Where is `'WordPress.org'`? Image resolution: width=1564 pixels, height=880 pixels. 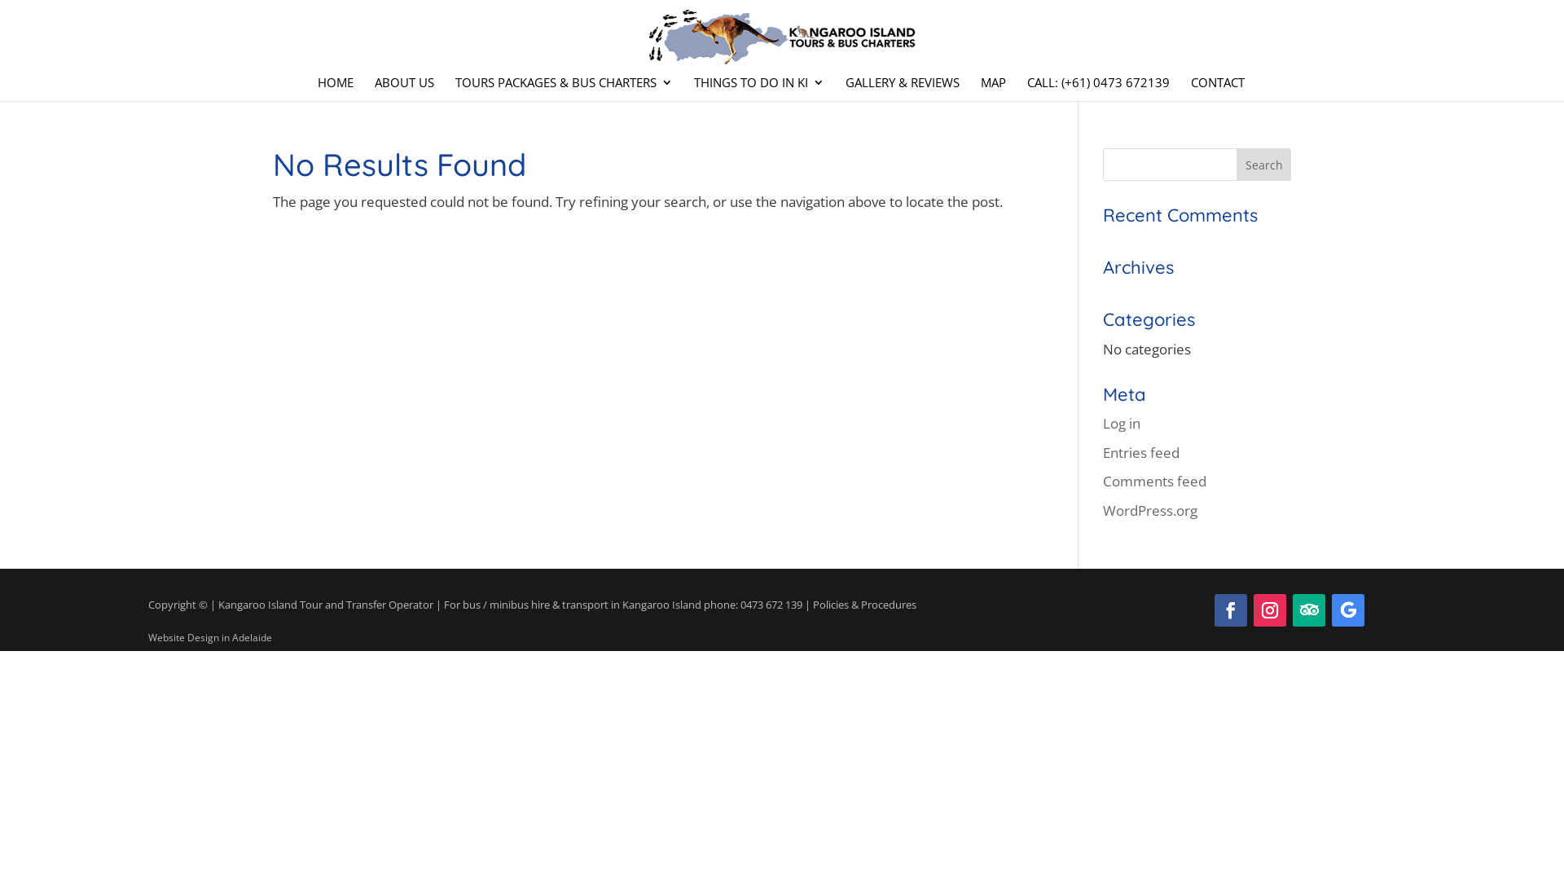
'WordPress.org' is located at coordinates (1102, 509).